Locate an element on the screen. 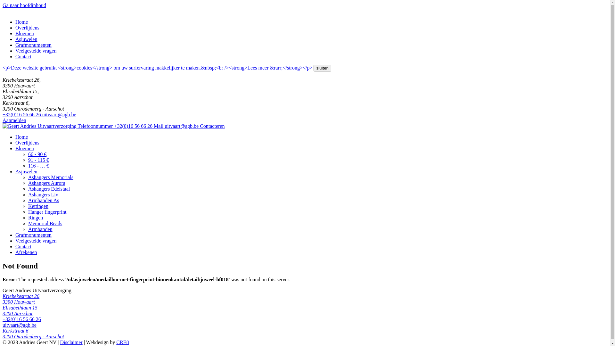  'Ashangers Edelstaal' is located at coordinates (49, 188).